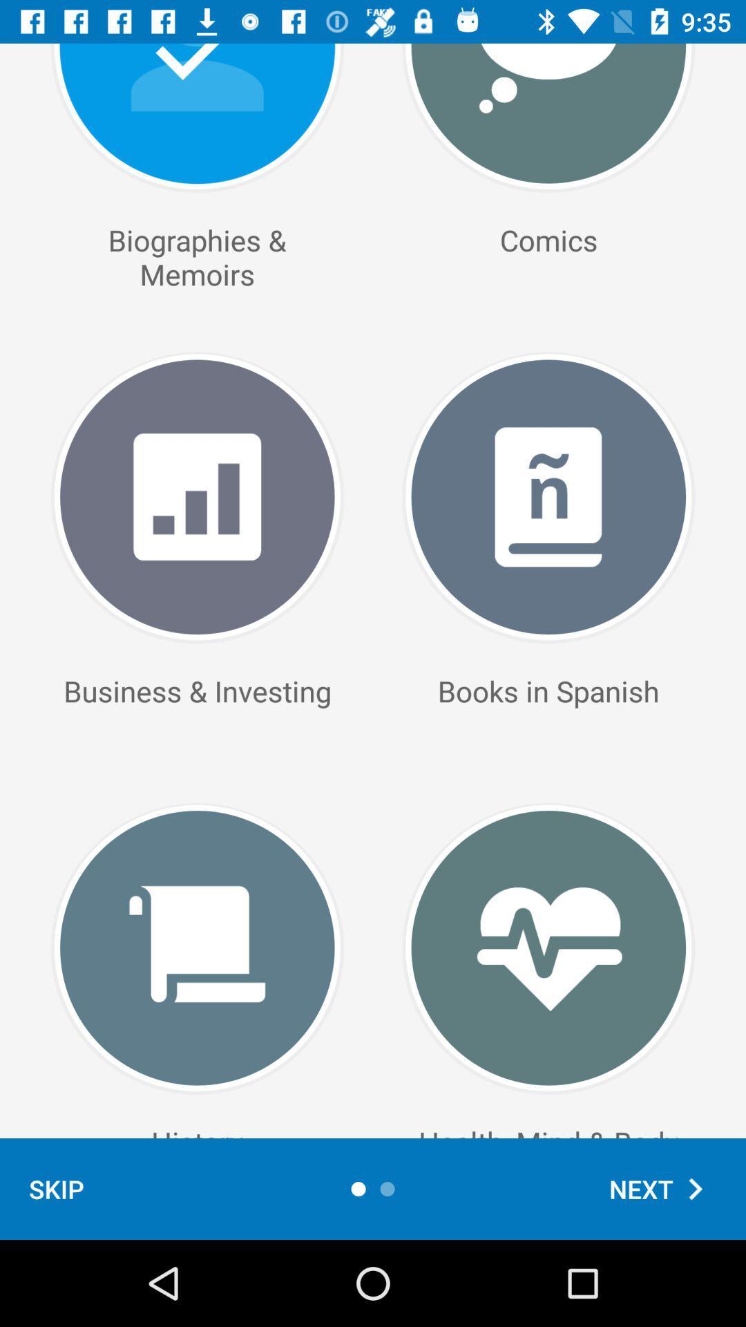 This screenshot has height=1327, width=746. I want to click on the next item, so click(662, 1188).